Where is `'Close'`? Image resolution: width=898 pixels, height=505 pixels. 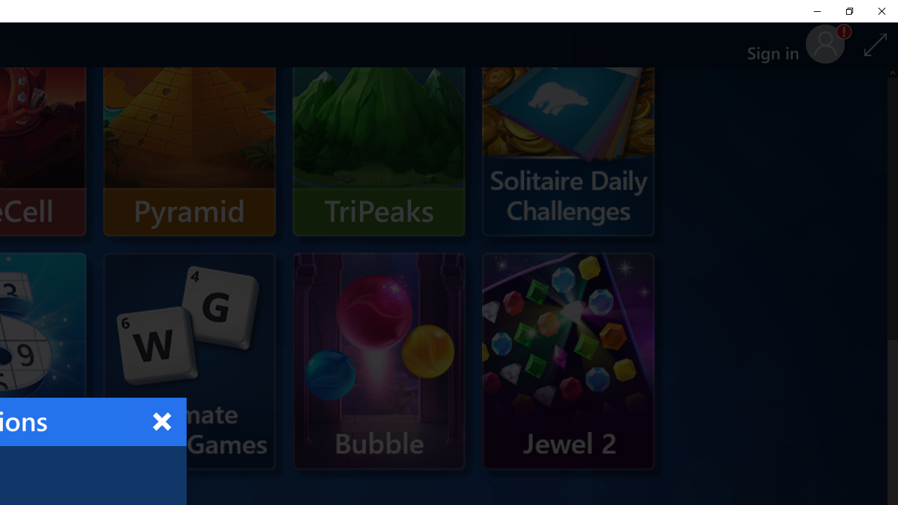
'Close' is located at coordinates (162, 421).